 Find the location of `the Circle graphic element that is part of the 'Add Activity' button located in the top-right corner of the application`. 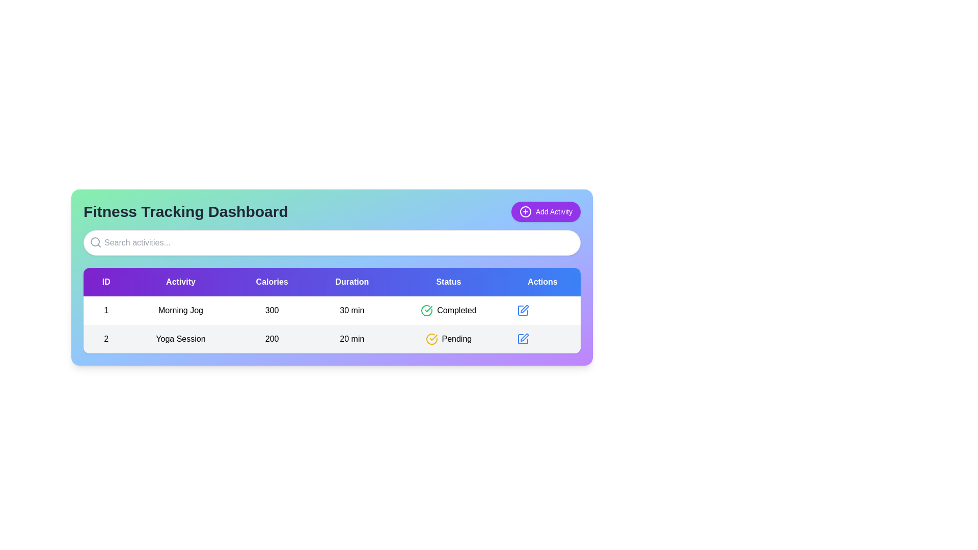

the Circle graphic element that is part of the 'Add Activity' button located in the top-right corner of the application is located at coordinates (525, 211).